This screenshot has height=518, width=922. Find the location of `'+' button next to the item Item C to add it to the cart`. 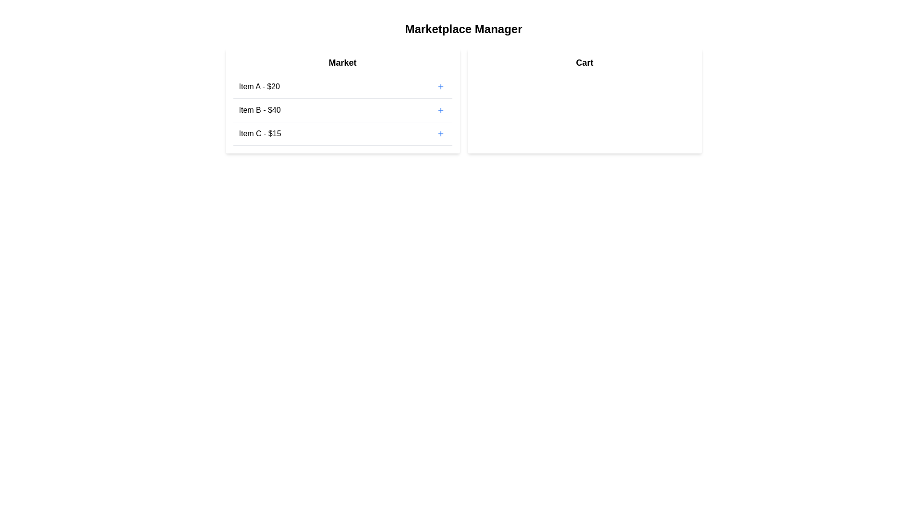

'+' button next to the item Item C to add it to the cart is located at coordinates (440, 133).